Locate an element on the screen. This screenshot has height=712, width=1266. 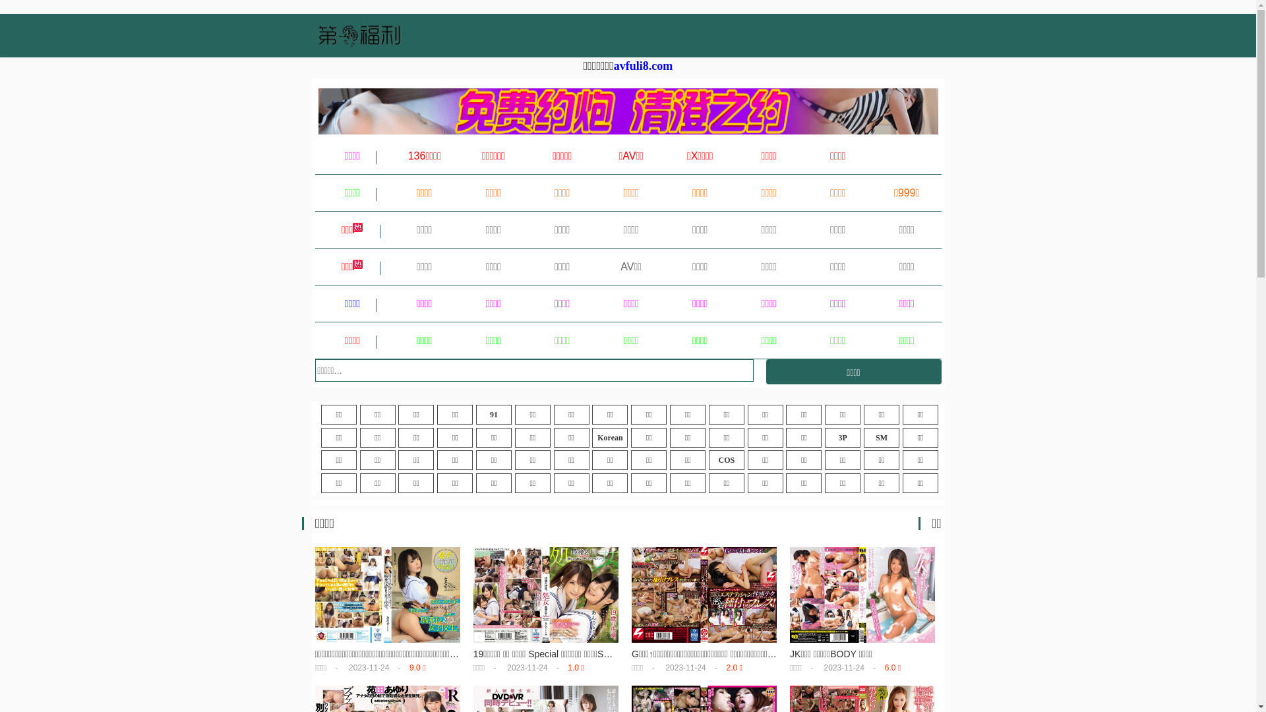
'SM' is located at coordinates (882, 437).